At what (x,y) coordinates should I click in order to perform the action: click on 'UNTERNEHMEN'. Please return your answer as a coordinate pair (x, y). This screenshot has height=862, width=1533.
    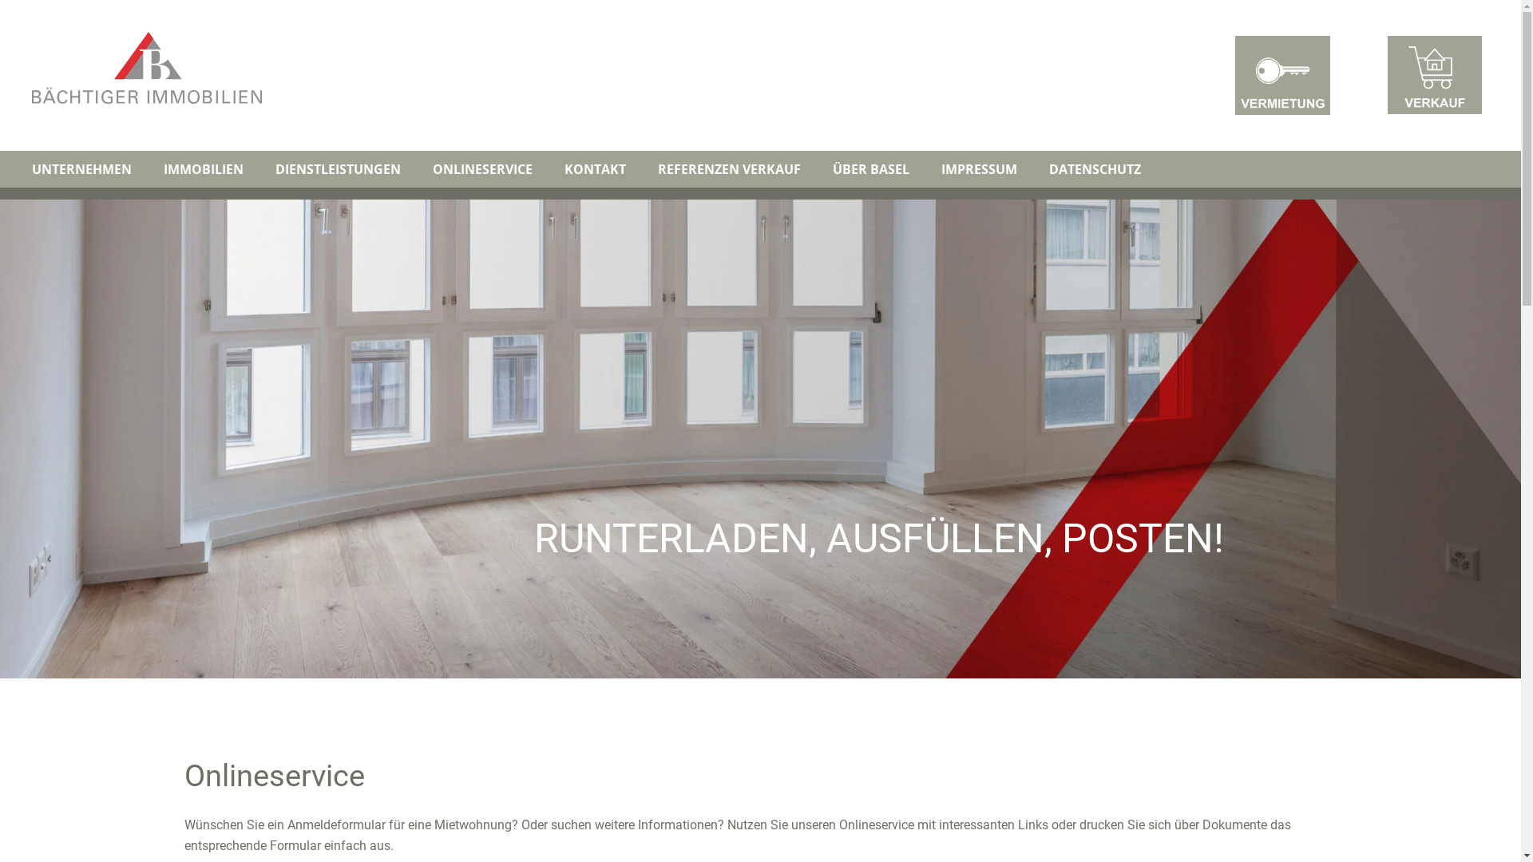
    Looking at the image, I should click on (81, 169).